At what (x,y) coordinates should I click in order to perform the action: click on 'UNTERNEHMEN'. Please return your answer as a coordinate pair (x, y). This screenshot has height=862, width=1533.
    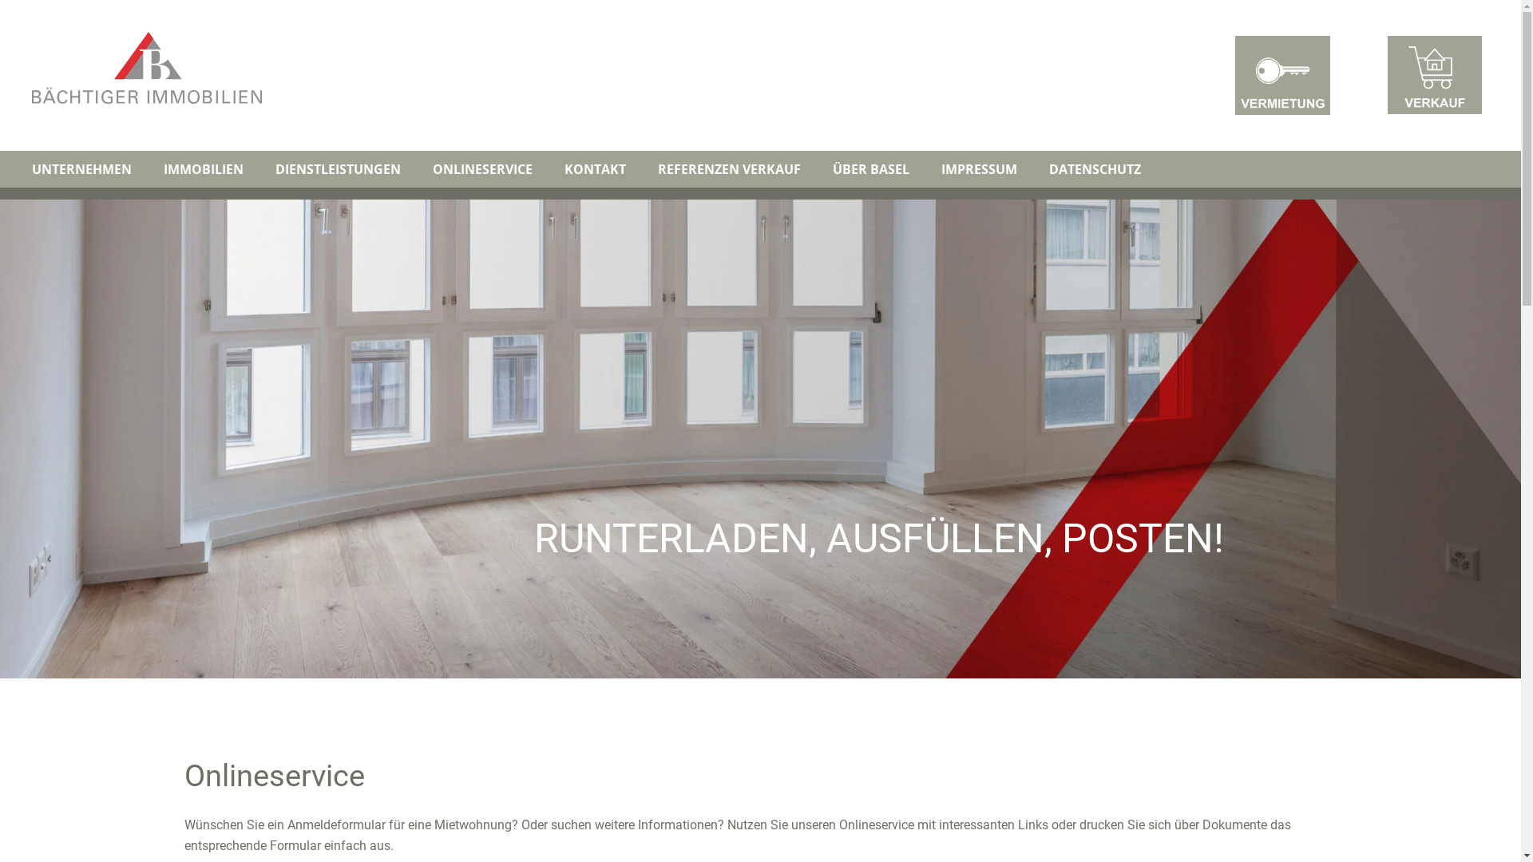
    Looking at the image, I should click on (81, 169).